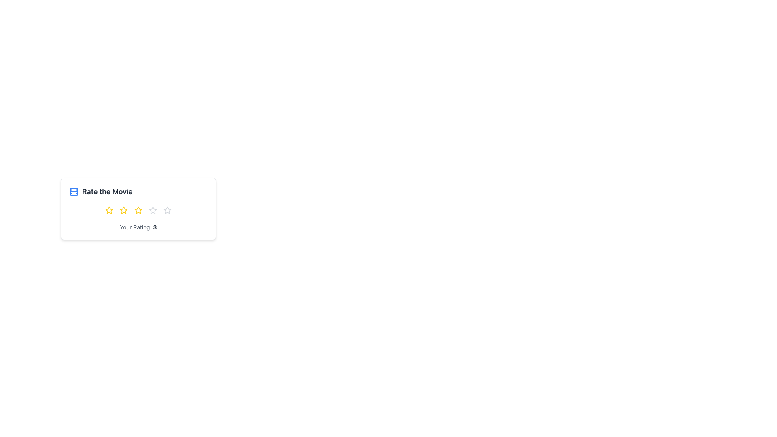  What do you see at coordinates (155, 227) in the screenshot?
I see `on the numeric text '3' which is displayed in bold, dark gray font and is part of the text 'Your Rating: 3'` at bounding box center [155, 227].